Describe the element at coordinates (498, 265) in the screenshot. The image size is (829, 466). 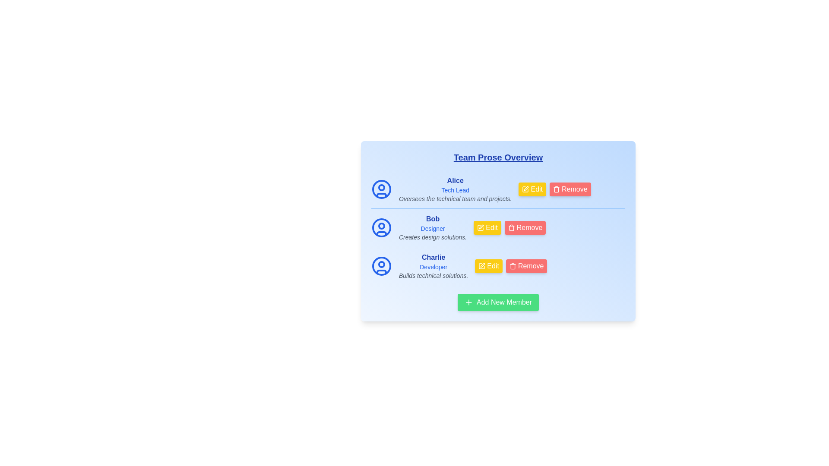
I see `the first button in the interactive controls section` at that location.